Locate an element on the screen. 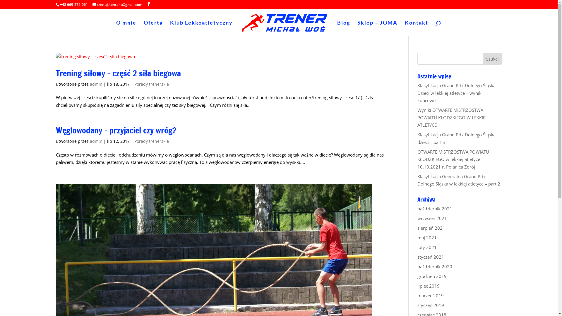 Image resolution: width=562 pixels, height=316 pixels. 'Oferta' is located at coordinates (153, 28).